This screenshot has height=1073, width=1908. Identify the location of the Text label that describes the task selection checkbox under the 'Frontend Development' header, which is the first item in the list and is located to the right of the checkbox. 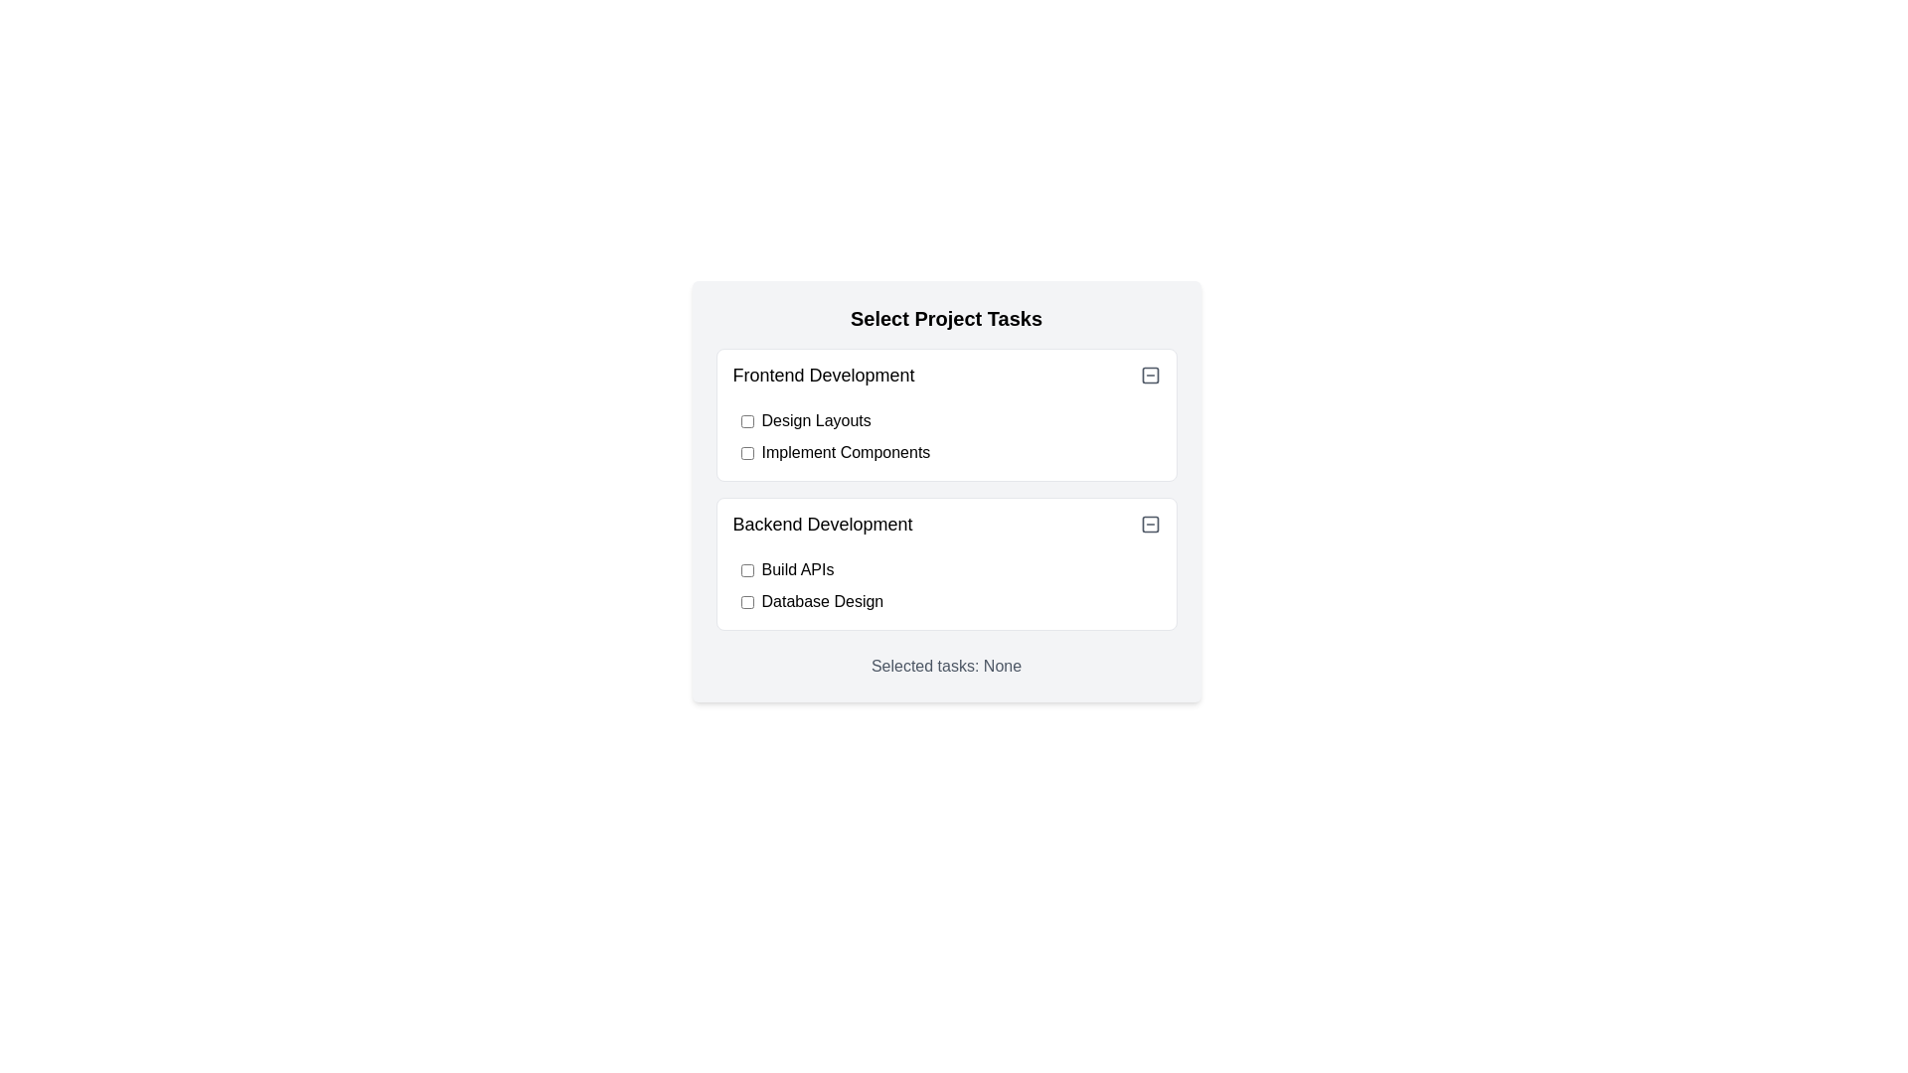
(816, 420).